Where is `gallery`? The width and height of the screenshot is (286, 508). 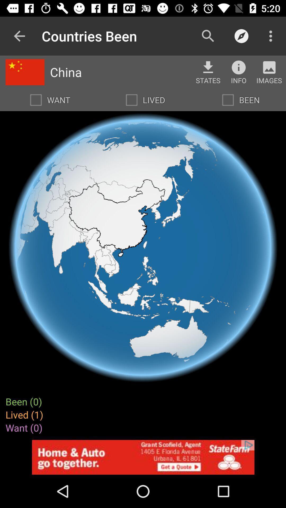
gallery is located at coordinates (269, 67).